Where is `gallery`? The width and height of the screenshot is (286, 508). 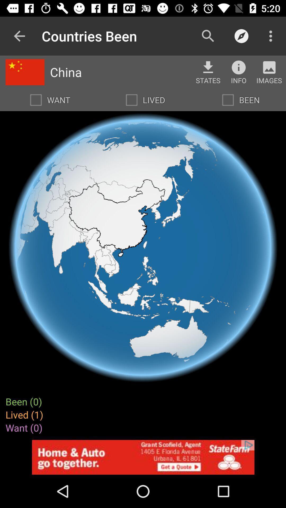
gallery is located at coordinates (269, 67).